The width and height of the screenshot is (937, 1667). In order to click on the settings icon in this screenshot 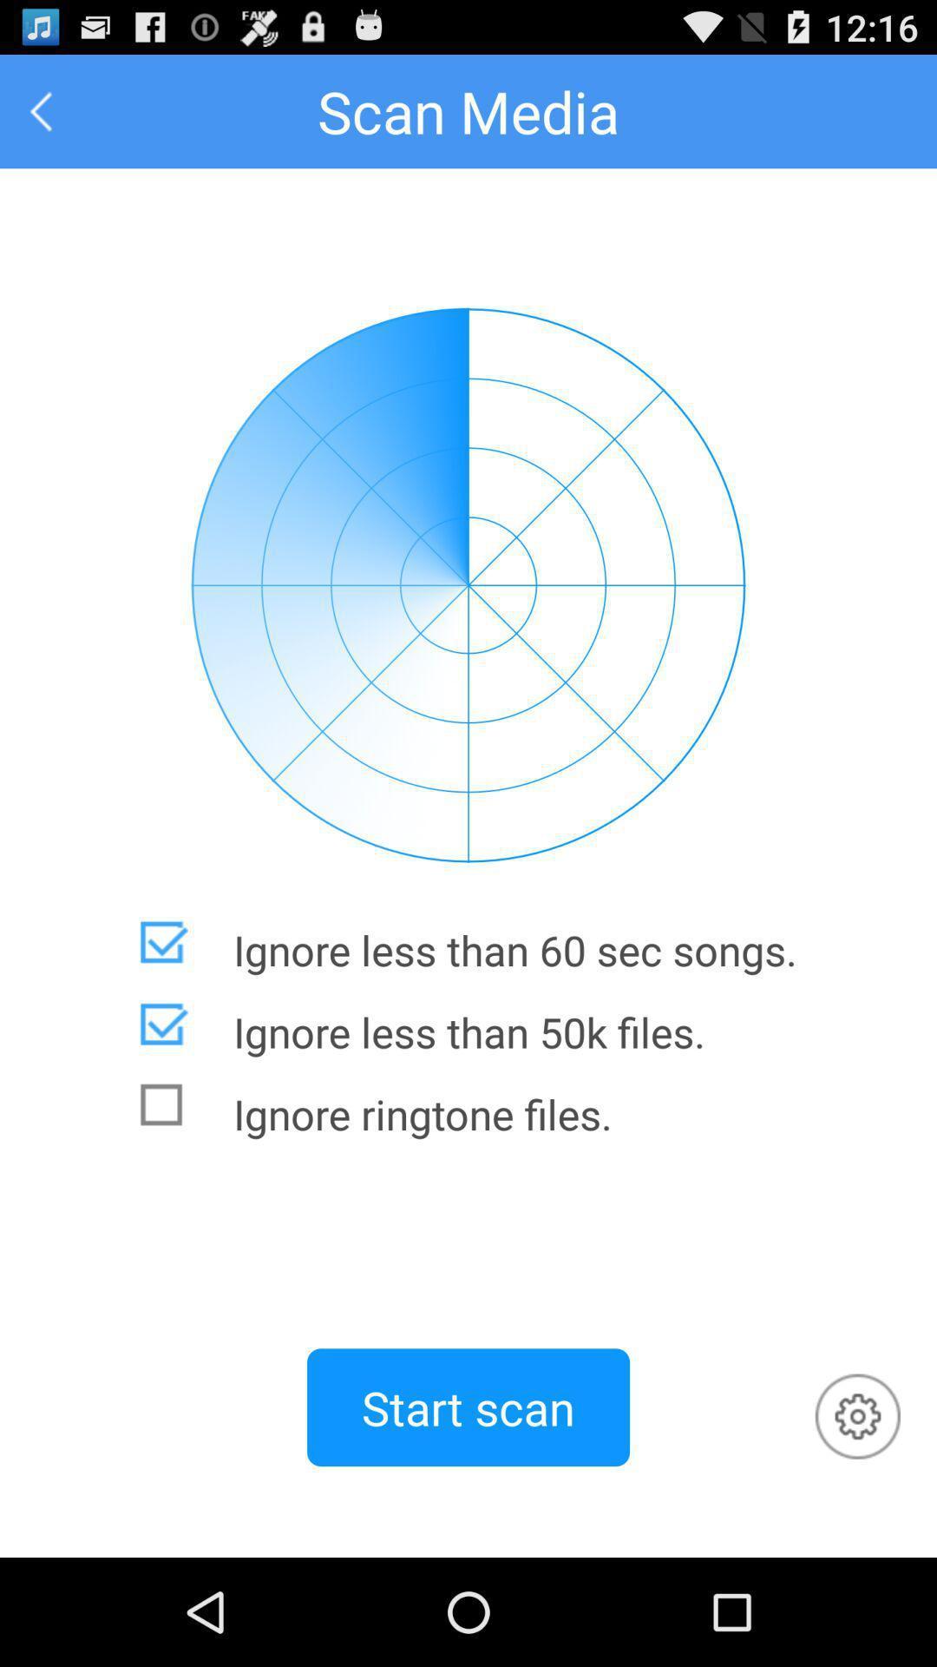, I will do `click(856, 1515)`.